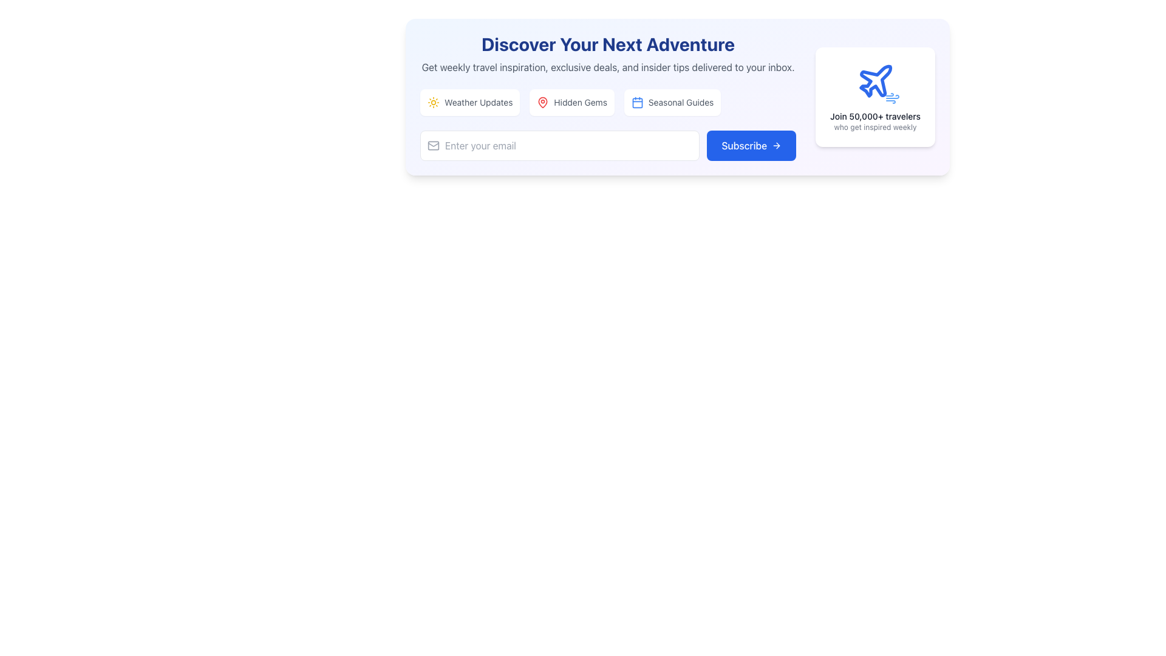  I want to click on the text block that reads 'Discover Your Next Adventure' with a bold dark blue font, positioned above the 'Weather Updates,' 'Hidden Gems,' and 'Seasonal Guides' buttons, so click(608, 53).